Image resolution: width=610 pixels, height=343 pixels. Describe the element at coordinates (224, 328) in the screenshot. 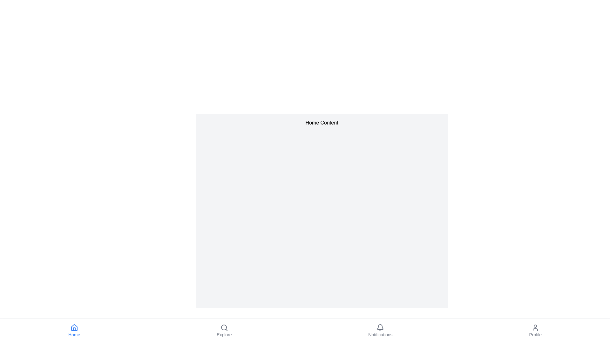

I see `the Icon button in the bottom navigation bar, second from the left` at that location.